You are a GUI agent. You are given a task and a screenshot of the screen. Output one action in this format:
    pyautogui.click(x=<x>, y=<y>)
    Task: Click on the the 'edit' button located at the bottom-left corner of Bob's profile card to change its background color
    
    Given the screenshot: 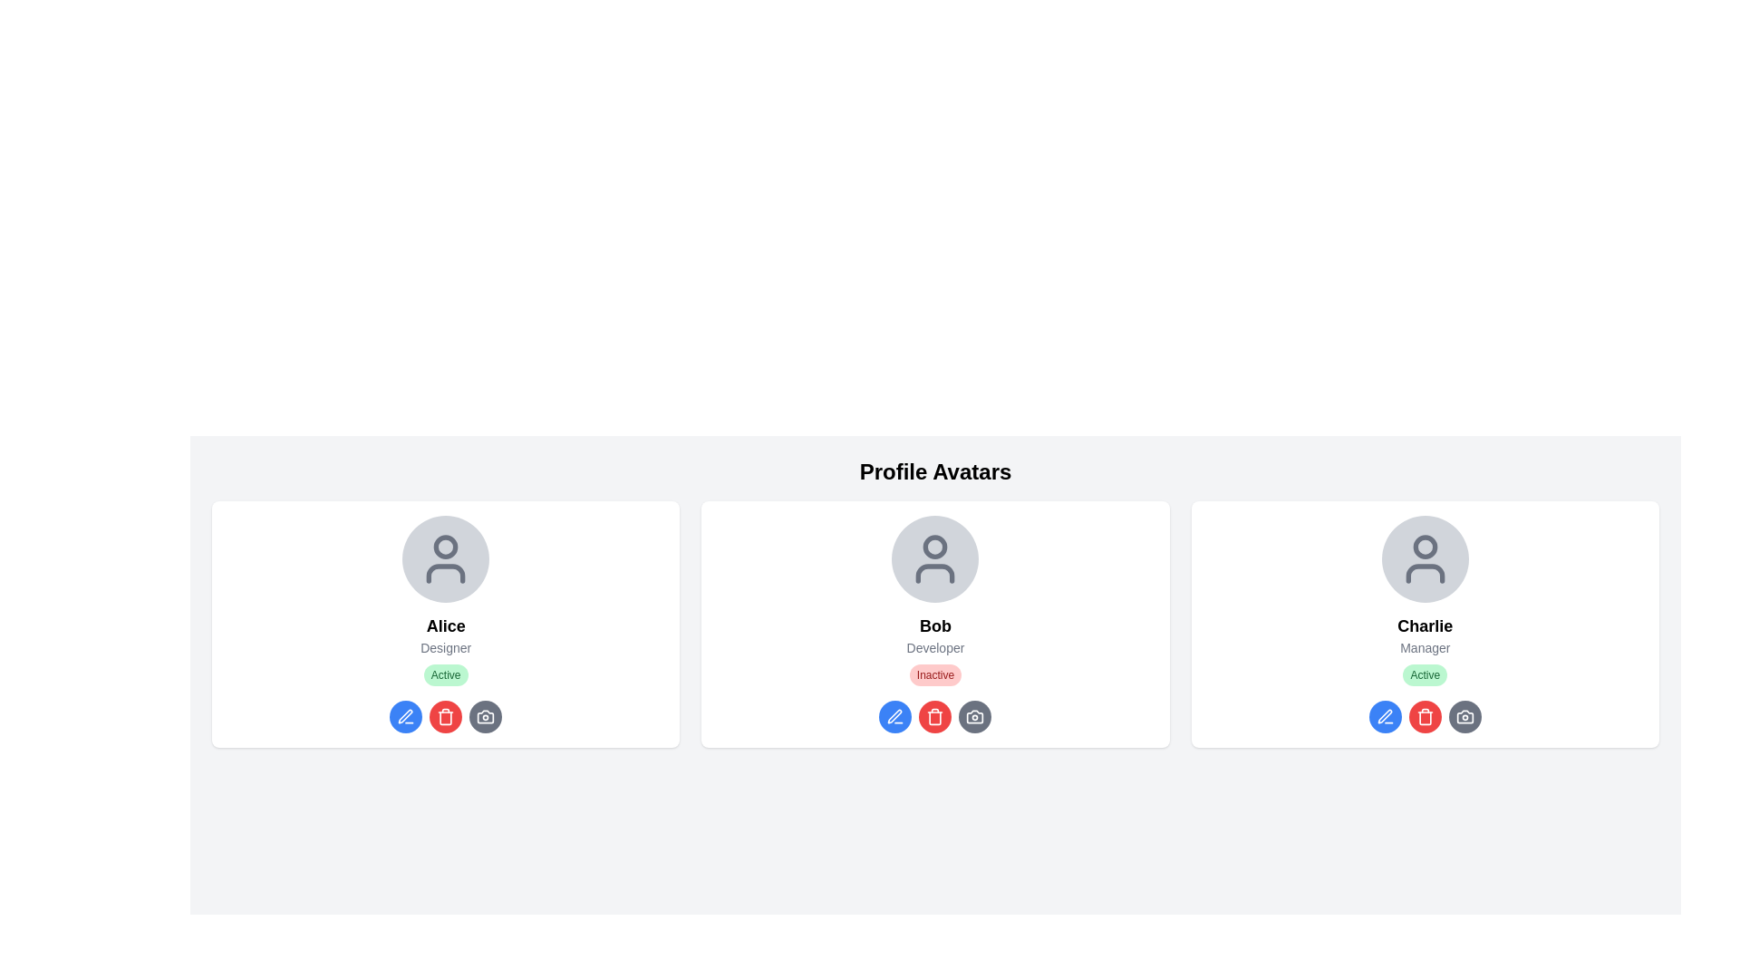 What is the action you would take?
    pyautogui.click(x=895, y=715)
    